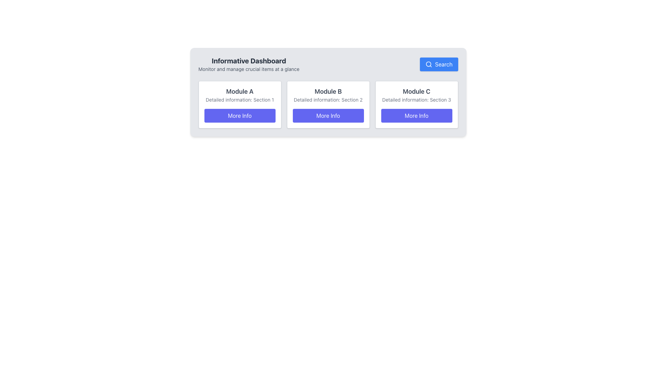  I want to click on the descriptive Text Label that provides supplementary information about the 'Module A' section, positioned below the 'Module A' heading and above the 'More Info' button, so click(240, 100).